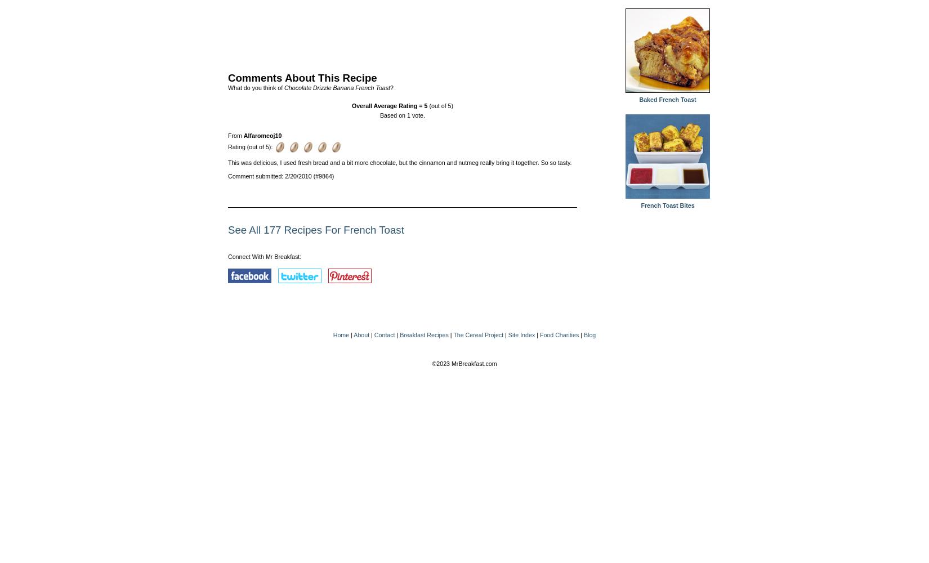 The image size is (929, 563). Describe the element at coordinates (340, 334) in the screenshot. I see `'Home'` at that location.